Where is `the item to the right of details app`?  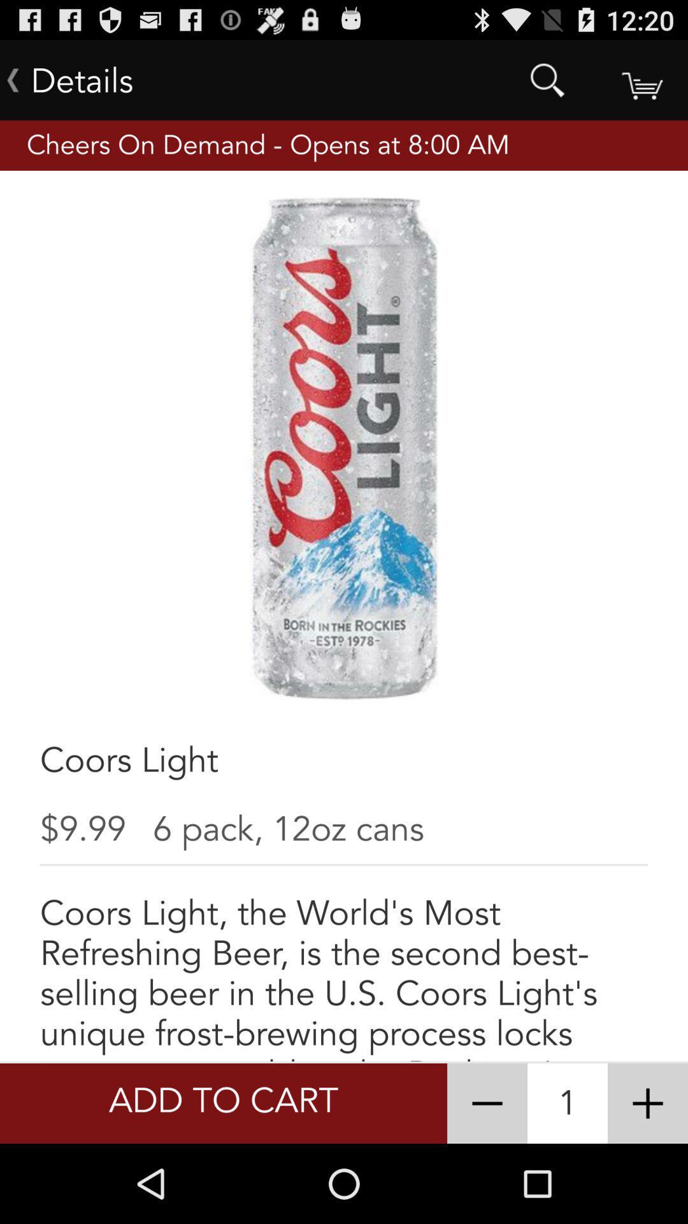
the item to the right of details app is located at coordinates (547, 79).